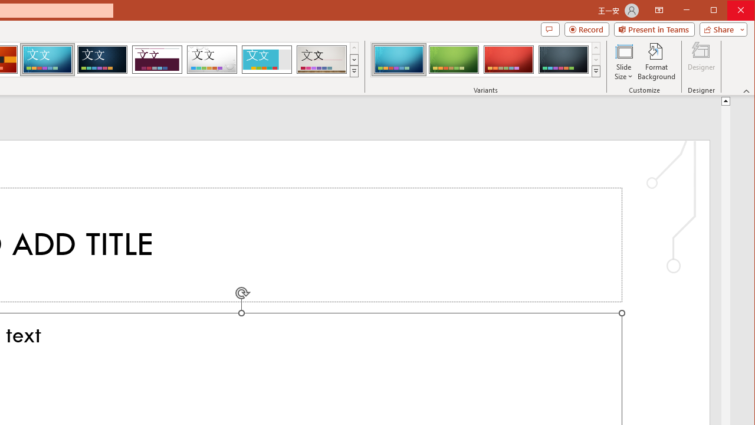 The height and width of the screenshot is (425, 755). I want to click on 'Close', so click(743, 11).